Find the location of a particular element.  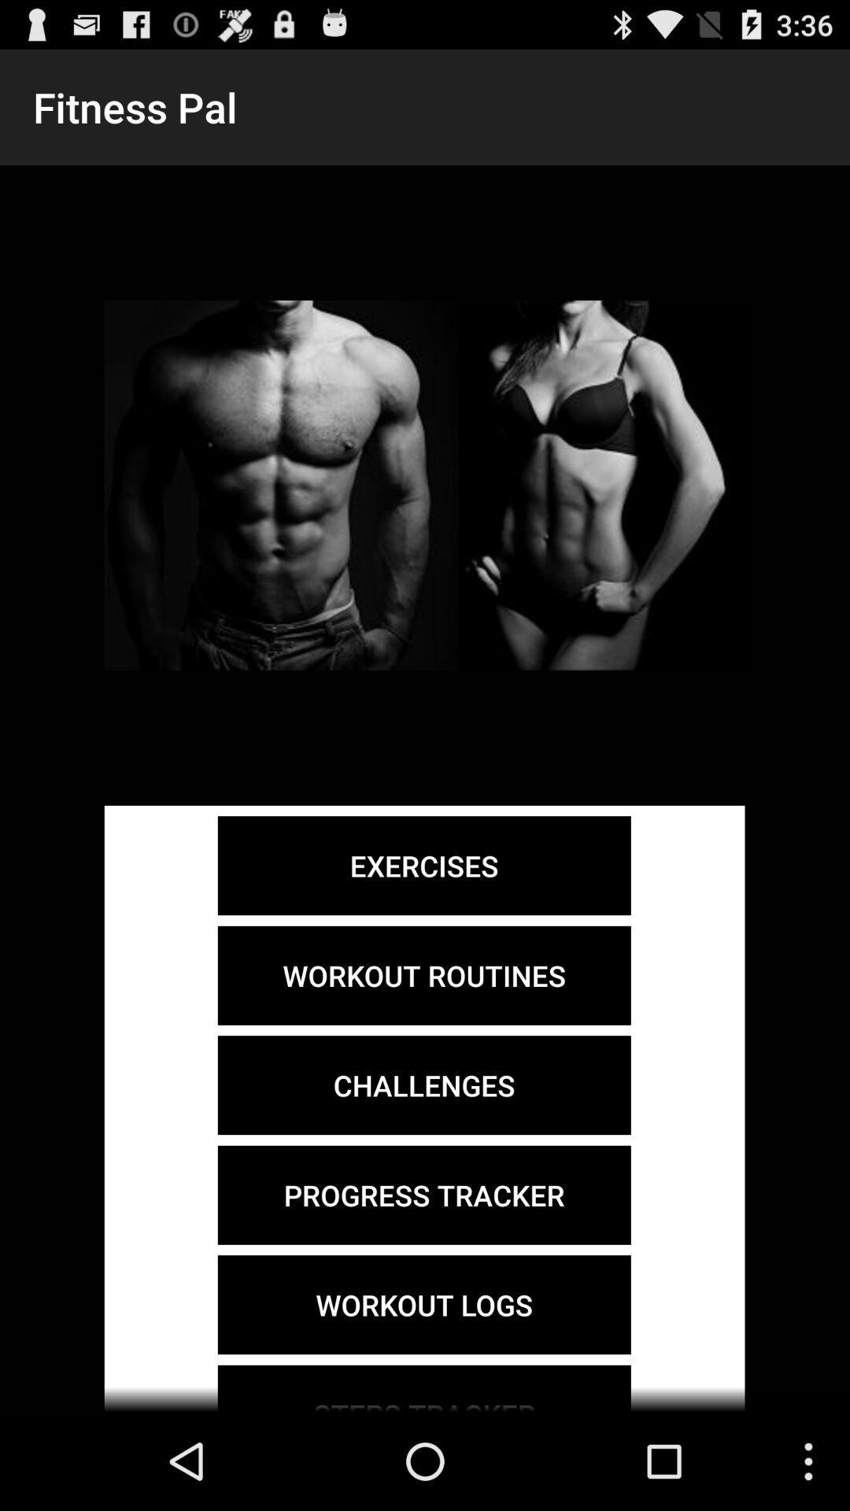

the icon above steps tracker is located at coordinates (423, 1305).